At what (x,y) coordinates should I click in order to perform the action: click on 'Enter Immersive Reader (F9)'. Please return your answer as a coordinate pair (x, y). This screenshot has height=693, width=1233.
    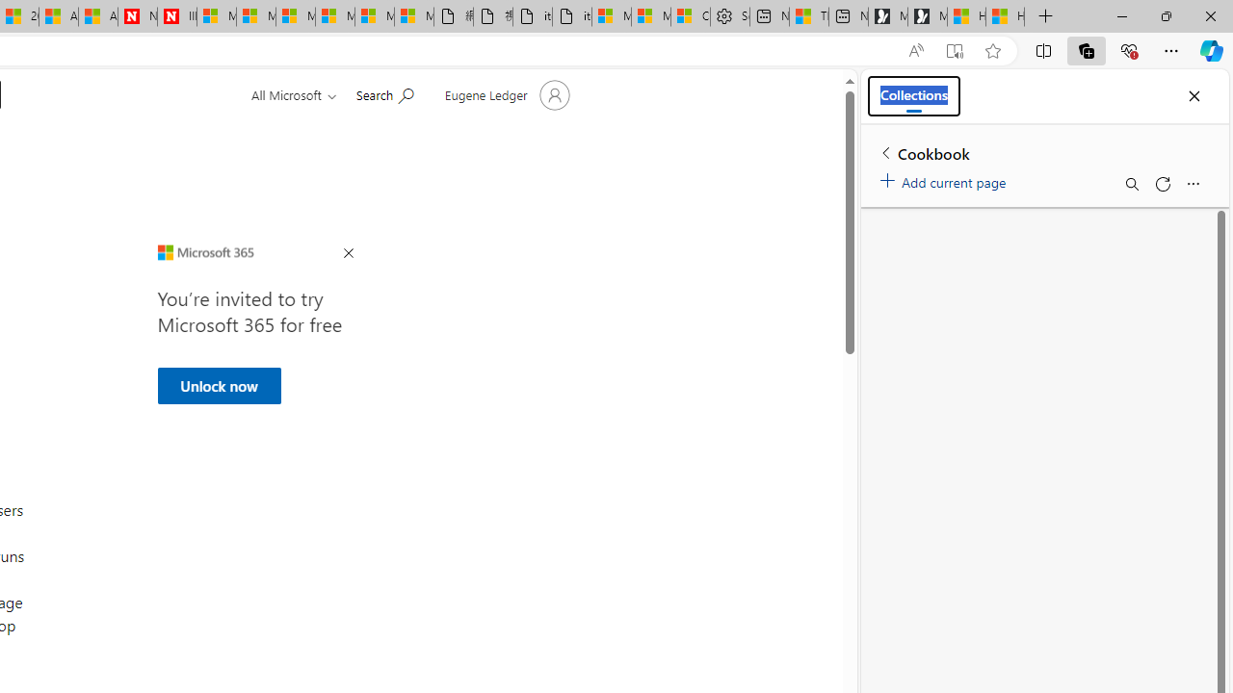
    Looking at the image, I should click on (955, 50).